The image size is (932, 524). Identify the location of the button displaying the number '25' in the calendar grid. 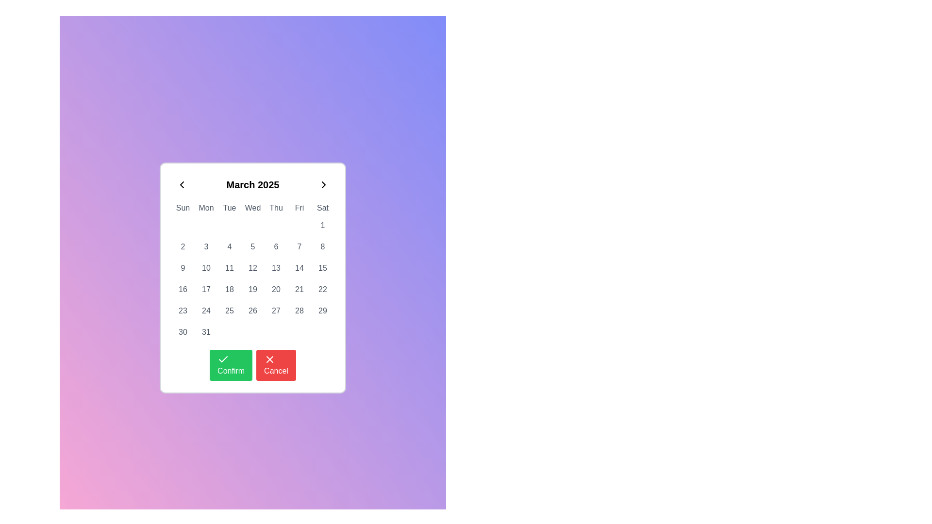
(229, 311).